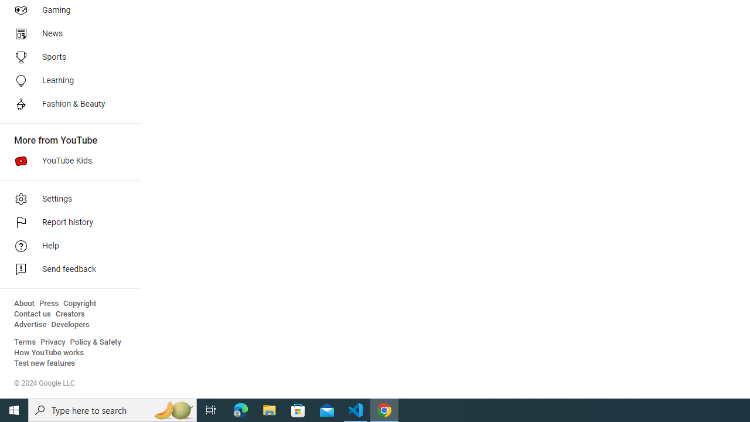 This screenshot has width=750, height=422. What do you see at coordinates (66, 246) in the screenshot?
I see `'Help'` at bounding box center [66, 246].